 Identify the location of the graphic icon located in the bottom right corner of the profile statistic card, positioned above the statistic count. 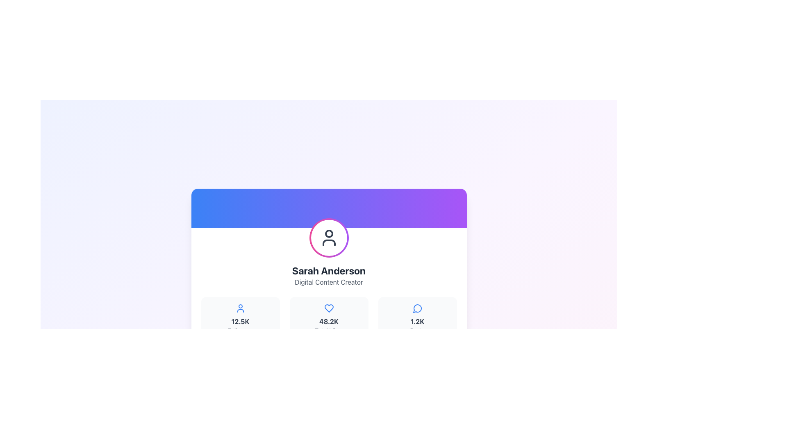
(417, 308).